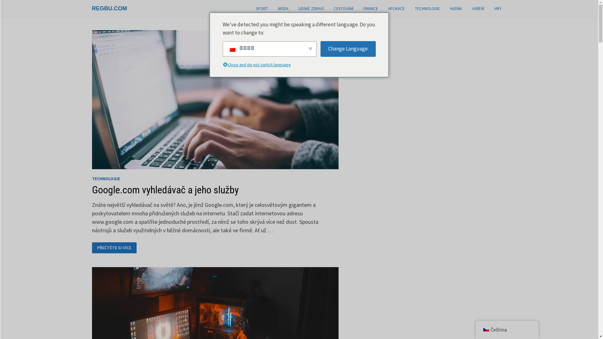 This screenshot has height=339, width=603. I want to click on 'REGBU.COM', so click(109, 8).